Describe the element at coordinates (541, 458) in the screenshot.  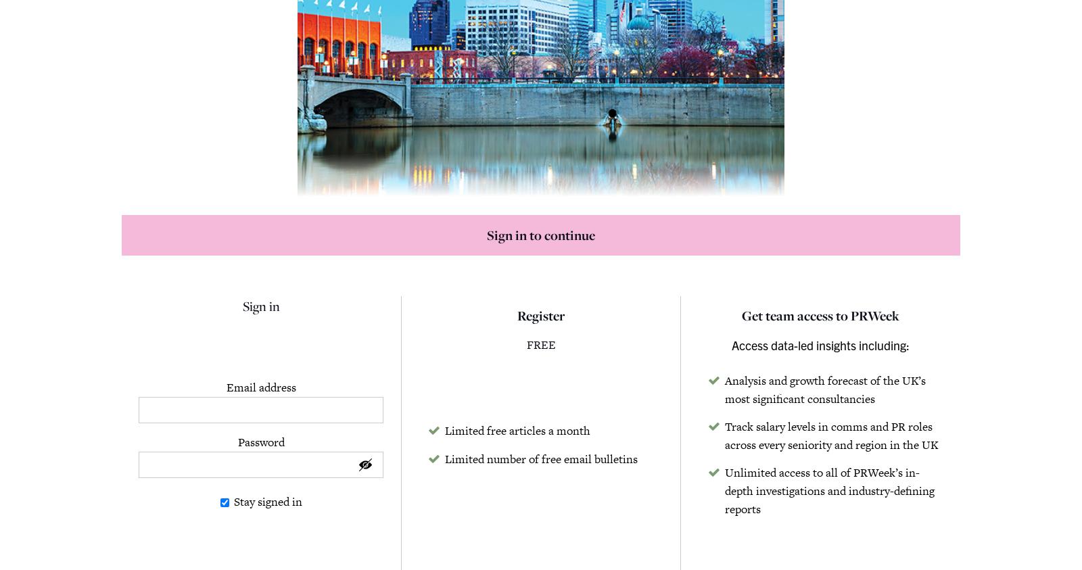
I see `'Limited number of free email bulletins'` at that location.